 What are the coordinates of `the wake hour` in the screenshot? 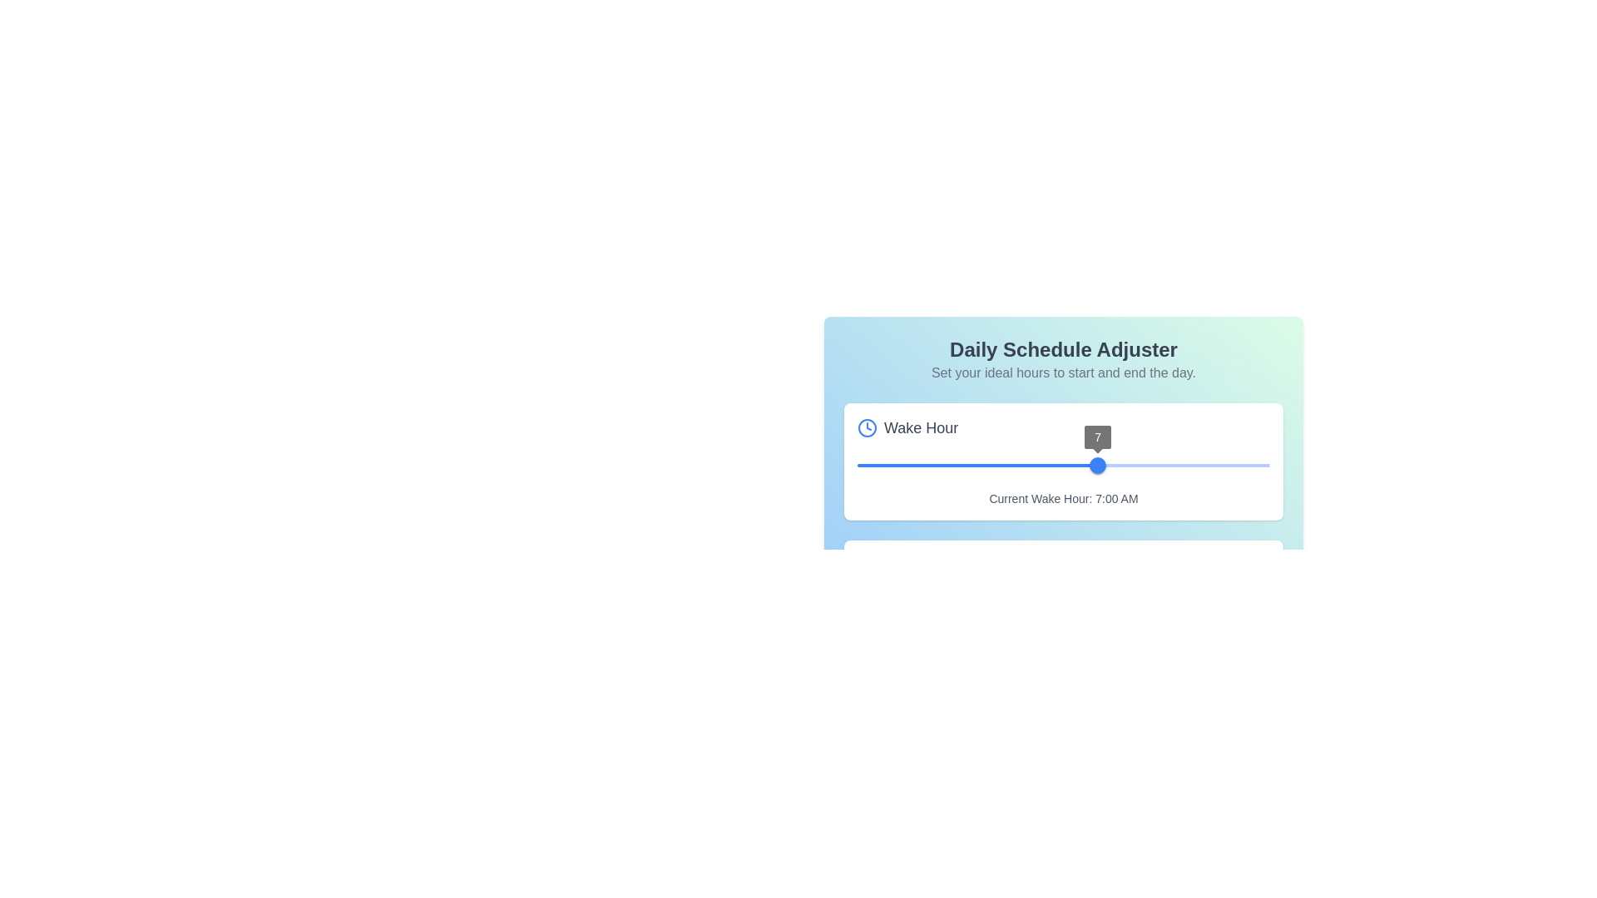 It's located at (873, 465).